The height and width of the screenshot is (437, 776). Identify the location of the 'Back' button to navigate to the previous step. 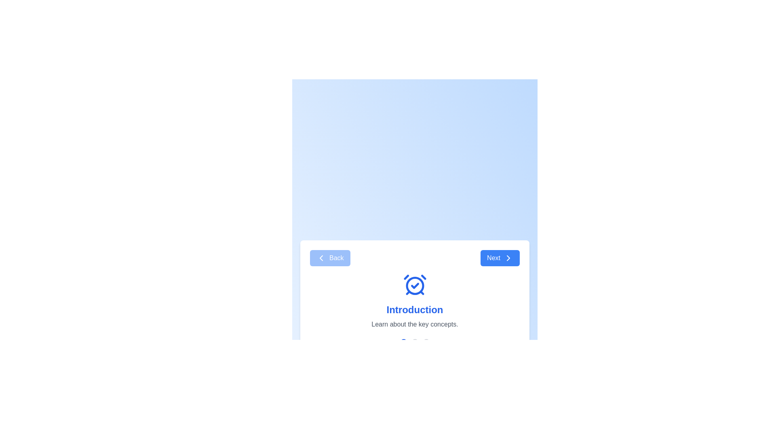
(330, 258).